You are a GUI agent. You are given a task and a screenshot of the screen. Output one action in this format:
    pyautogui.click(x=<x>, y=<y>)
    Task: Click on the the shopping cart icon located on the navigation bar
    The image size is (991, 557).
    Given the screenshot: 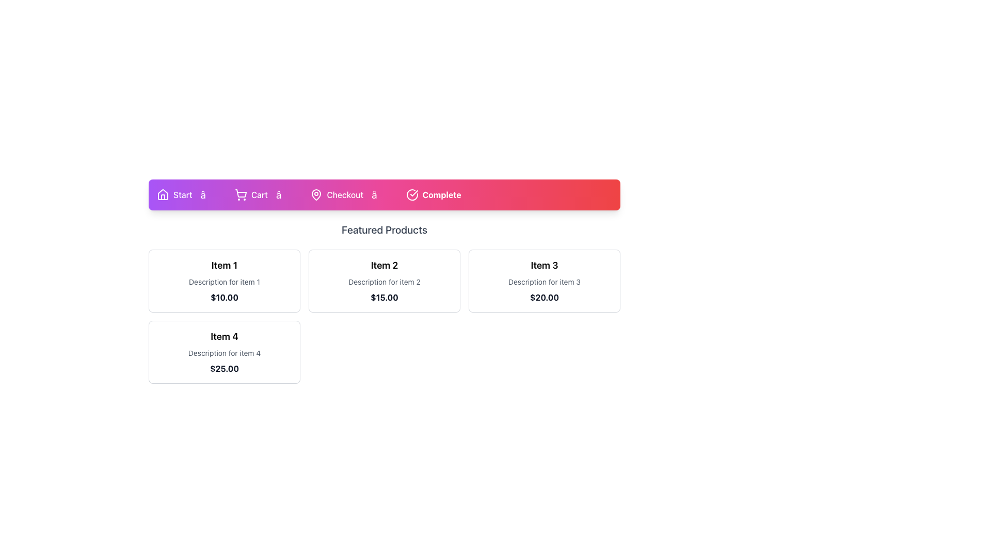 What is the action you would take?
    pyautogui.click(x=240, y=195)
    